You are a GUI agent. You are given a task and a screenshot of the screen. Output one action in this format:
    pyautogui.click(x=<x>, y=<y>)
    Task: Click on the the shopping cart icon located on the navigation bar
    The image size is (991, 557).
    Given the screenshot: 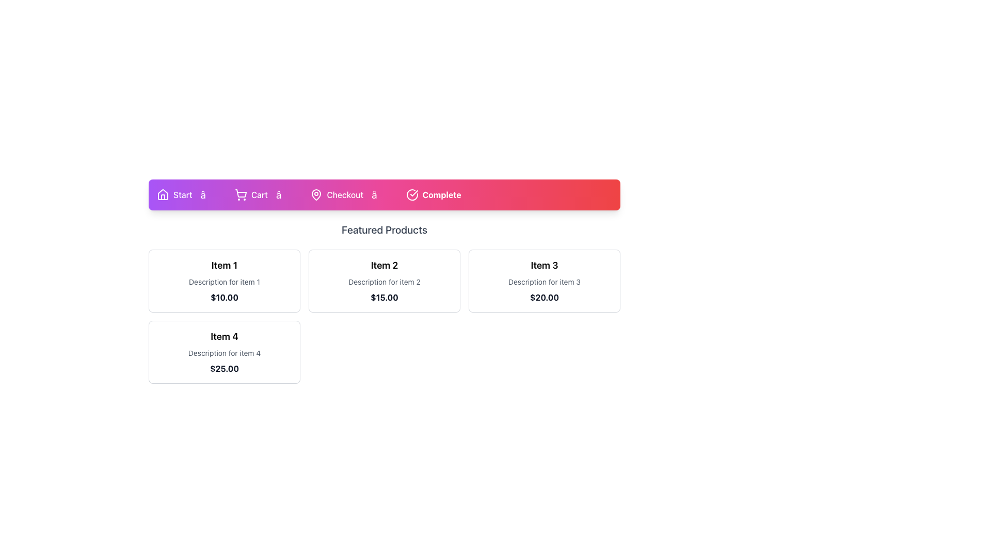 What is the action you would take?
    pyautogui.click(x=240, y=195)
    